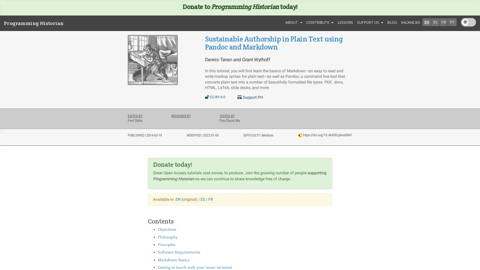  I want to click on FR, so click(443, 22).